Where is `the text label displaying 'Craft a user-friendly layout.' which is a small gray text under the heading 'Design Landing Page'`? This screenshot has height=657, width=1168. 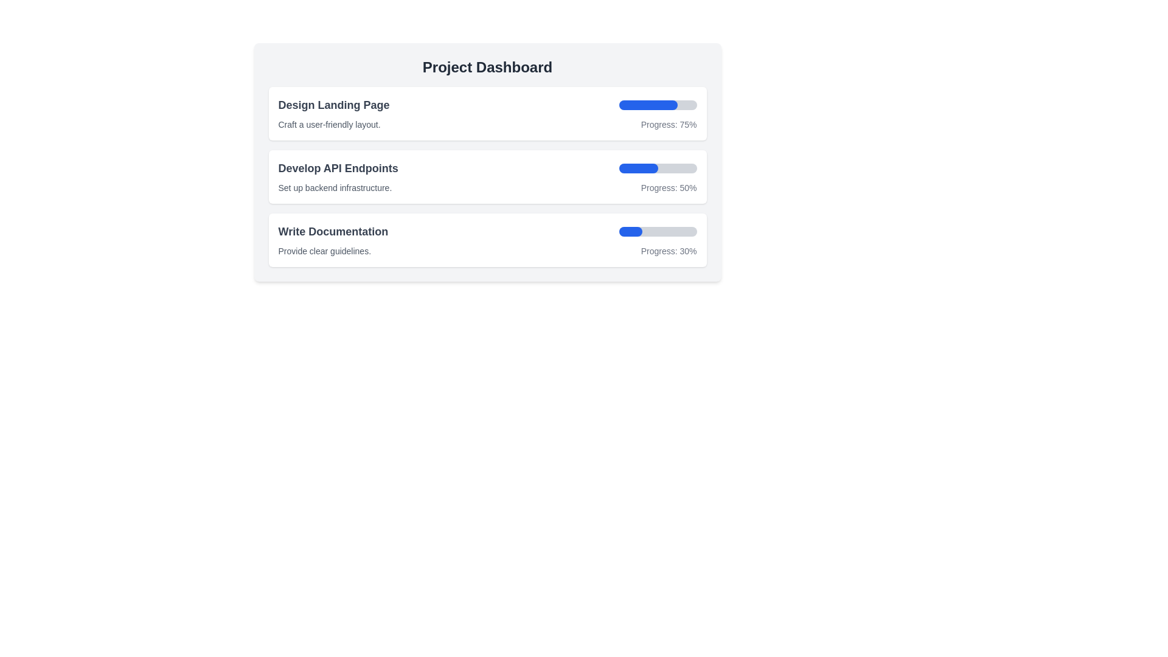
the text label displaying 'Craft a user-friendly layout.' which is a small gray text under the heading 'Design Landing Page' is located at coordinates (329, 124).